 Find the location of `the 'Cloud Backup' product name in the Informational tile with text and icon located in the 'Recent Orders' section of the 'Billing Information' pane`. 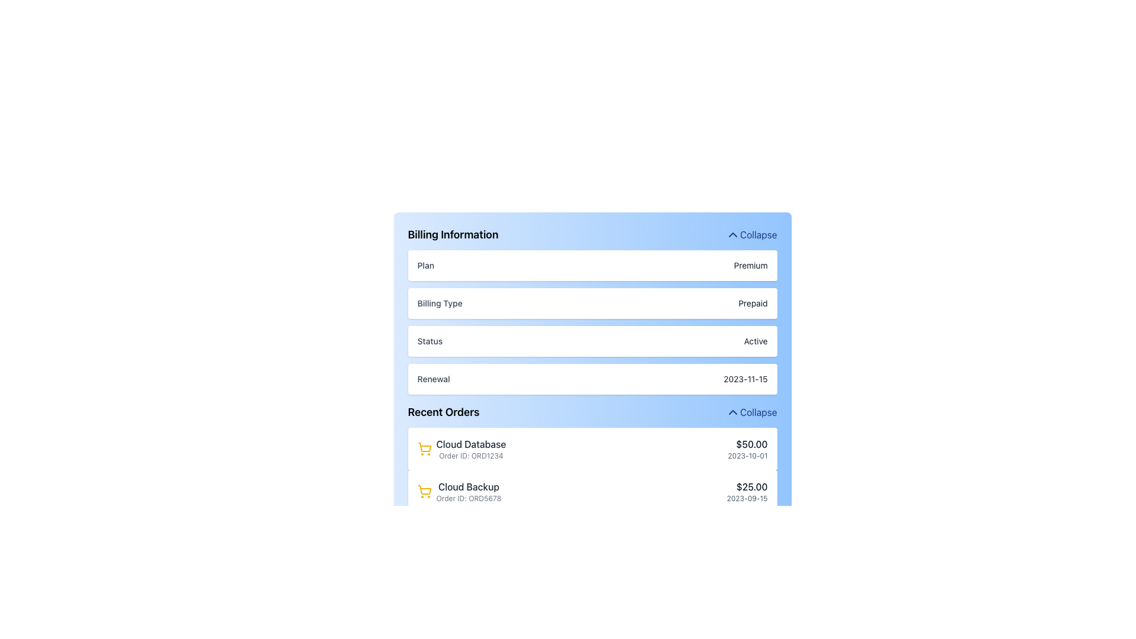

the 'Cloud Backup' product name in the Informational tile with text and icon located in the 'Recent Orders' section of the 'Billing Information' pane is located at coordinates (459, 491).